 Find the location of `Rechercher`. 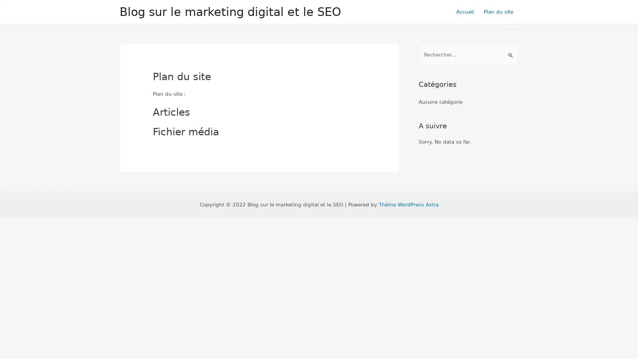

Rechercher is located at coordinates (510, 51).